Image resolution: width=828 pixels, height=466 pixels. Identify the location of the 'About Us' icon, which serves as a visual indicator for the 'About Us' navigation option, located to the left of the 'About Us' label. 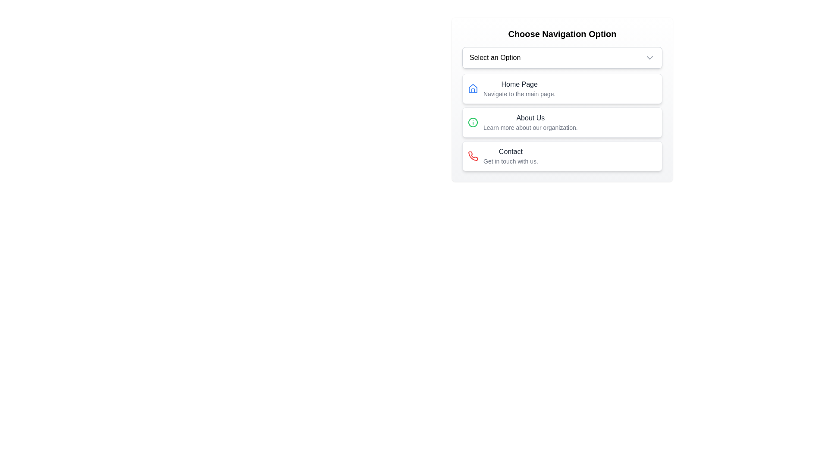
(473, 123).